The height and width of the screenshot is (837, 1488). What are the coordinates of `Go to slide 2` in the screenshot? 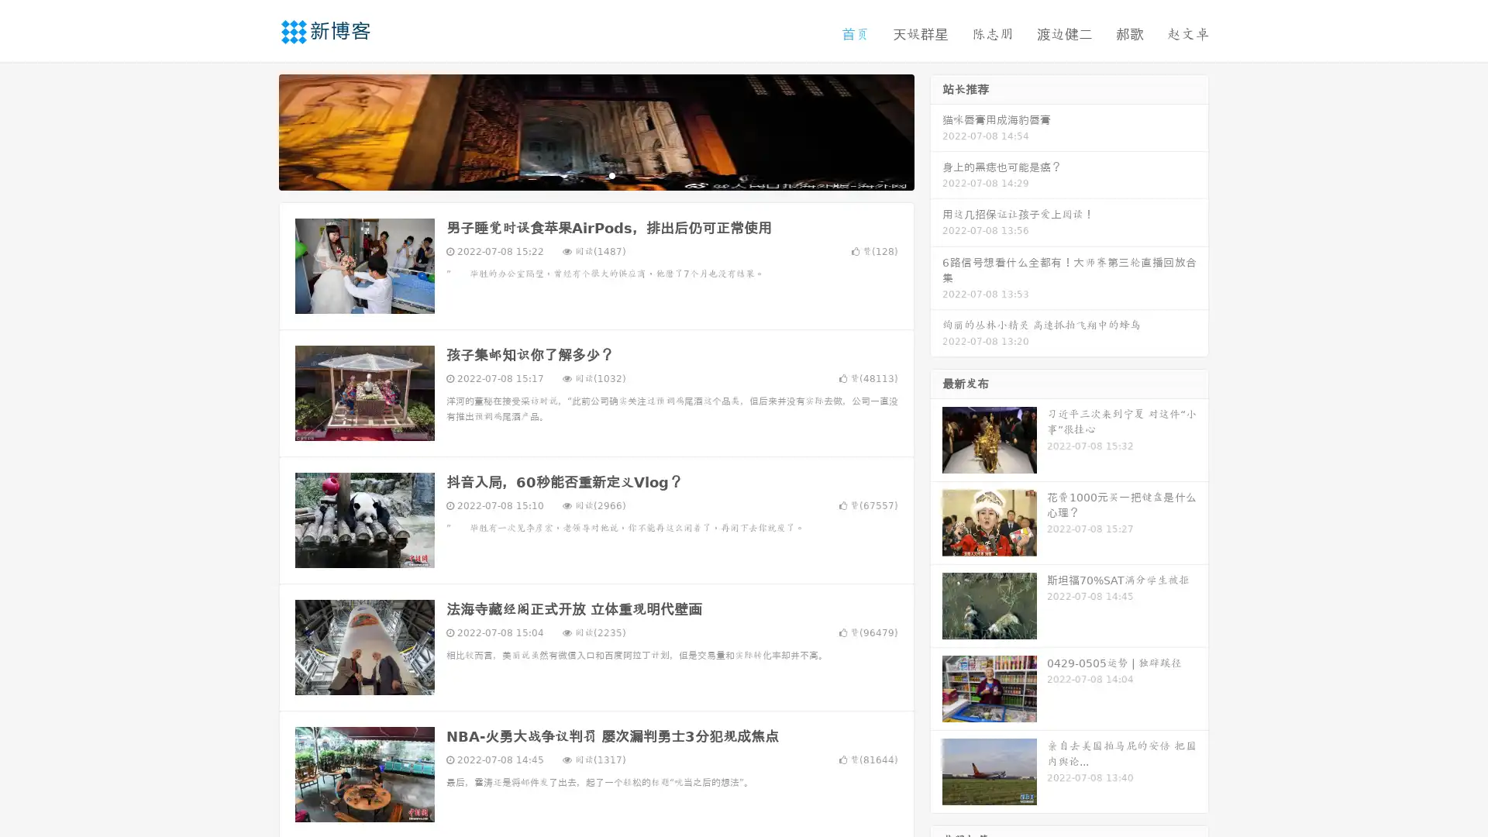 It's located at (595, 174).